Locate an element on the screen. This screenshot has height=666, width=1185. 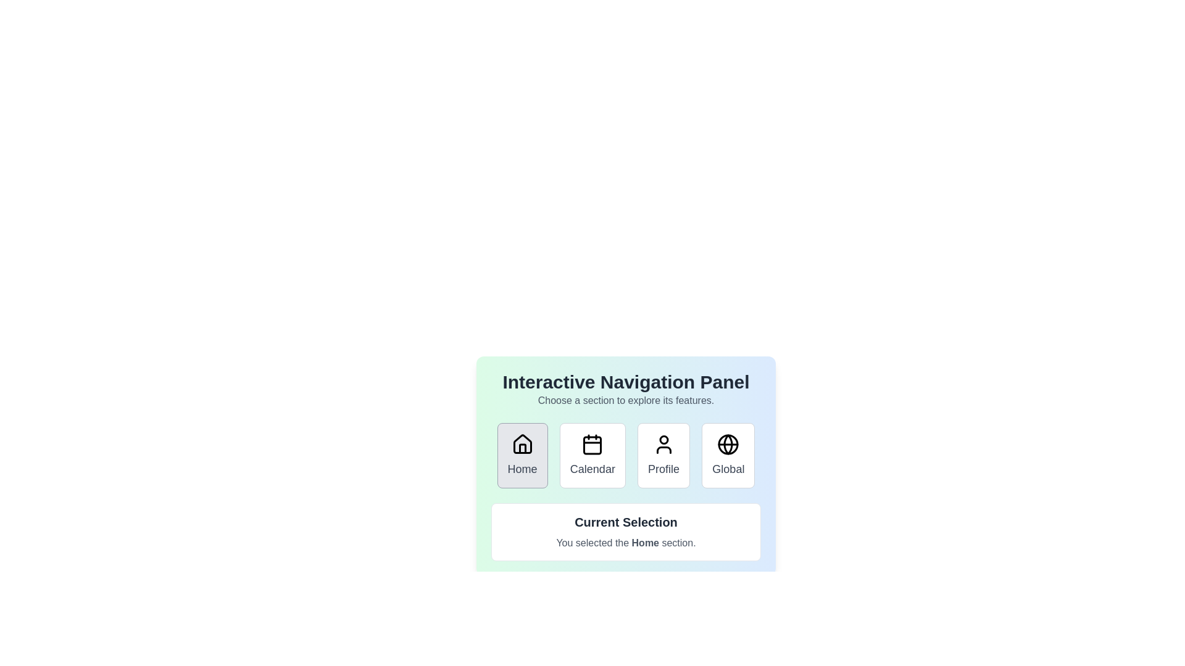
text element stating 'You selected the Home section.' which is located in the subsection titled 'Current Selection.' is located at coordinates (626, 542).